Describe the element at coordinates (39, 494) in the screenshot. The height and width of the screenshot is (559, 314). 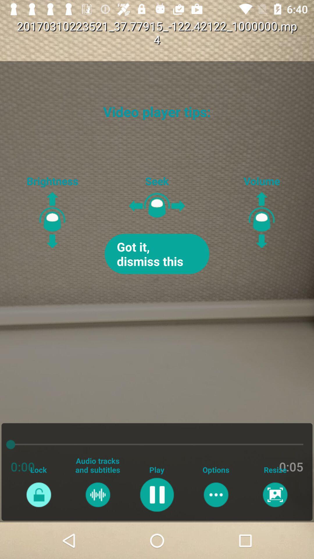
I see `lock rotation` at that location.